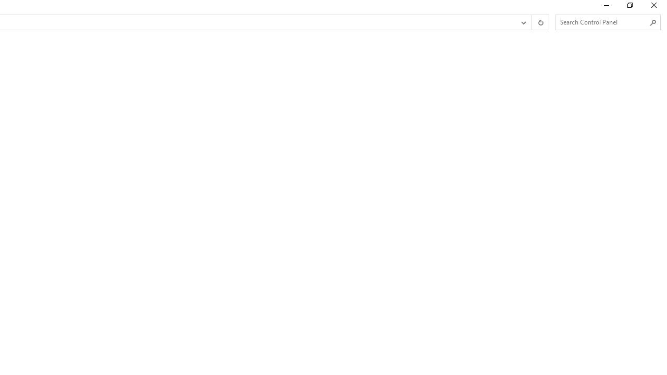  I want to click on 'Refresh "Work Folders" (F5)', so click(540, 22).